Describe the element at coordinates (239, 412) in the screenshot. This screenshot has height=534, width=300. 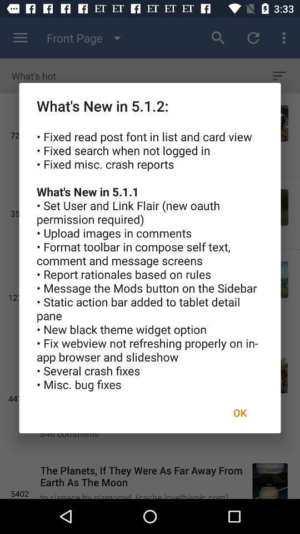
I see `item below fixed read post` at that location.